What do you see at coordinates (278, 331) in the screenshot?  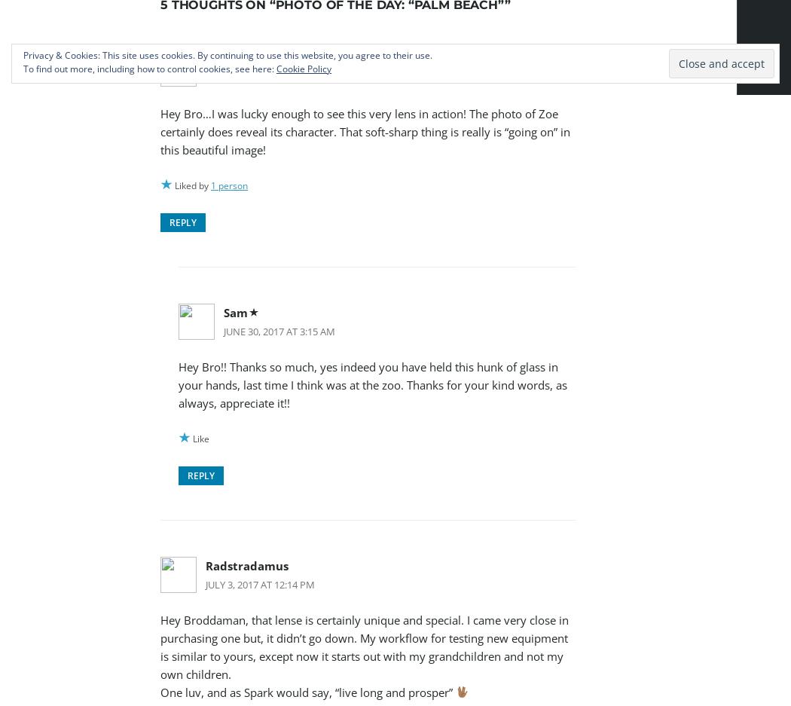 I see `'June 30, 2017 at 3:15 am'` at bounding box center [278, 331].